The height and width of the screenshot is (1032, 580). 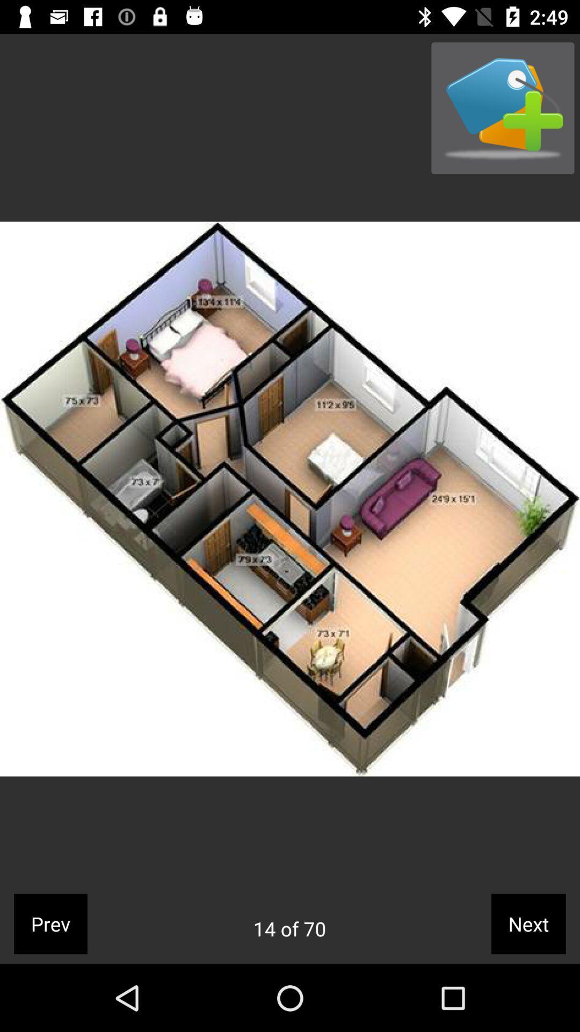 I want to click on icon at the bottom right corner, so click(x=528, y=923).